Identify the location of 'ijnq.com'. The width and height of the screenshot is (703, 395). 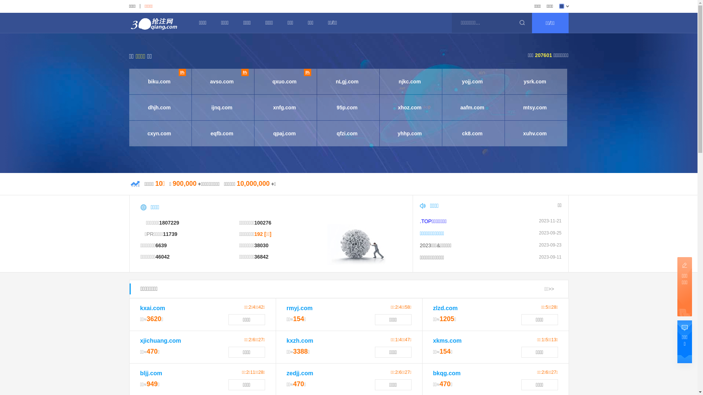
(222, 107).